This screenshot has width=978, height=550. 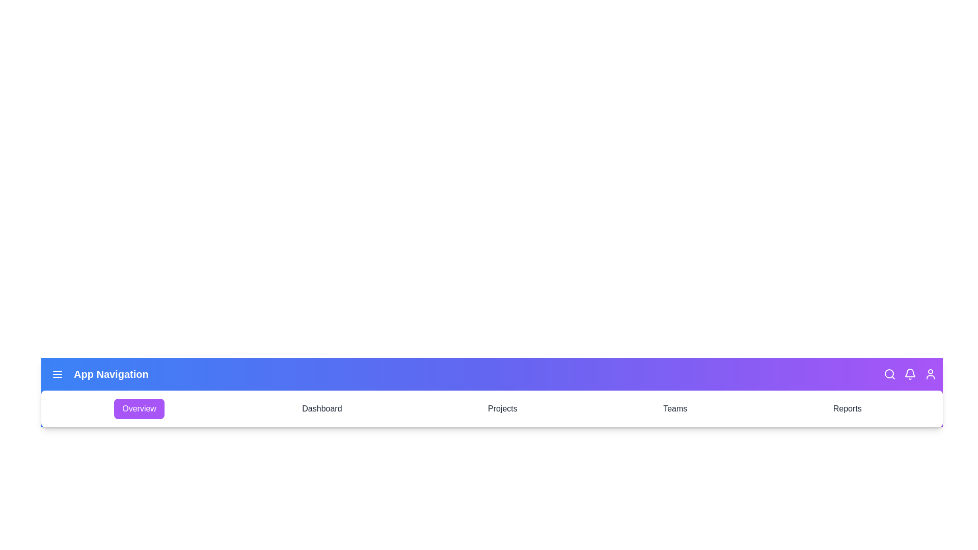 I want to click on the Projects tab to navigate to it, so click(x=502, y=408).